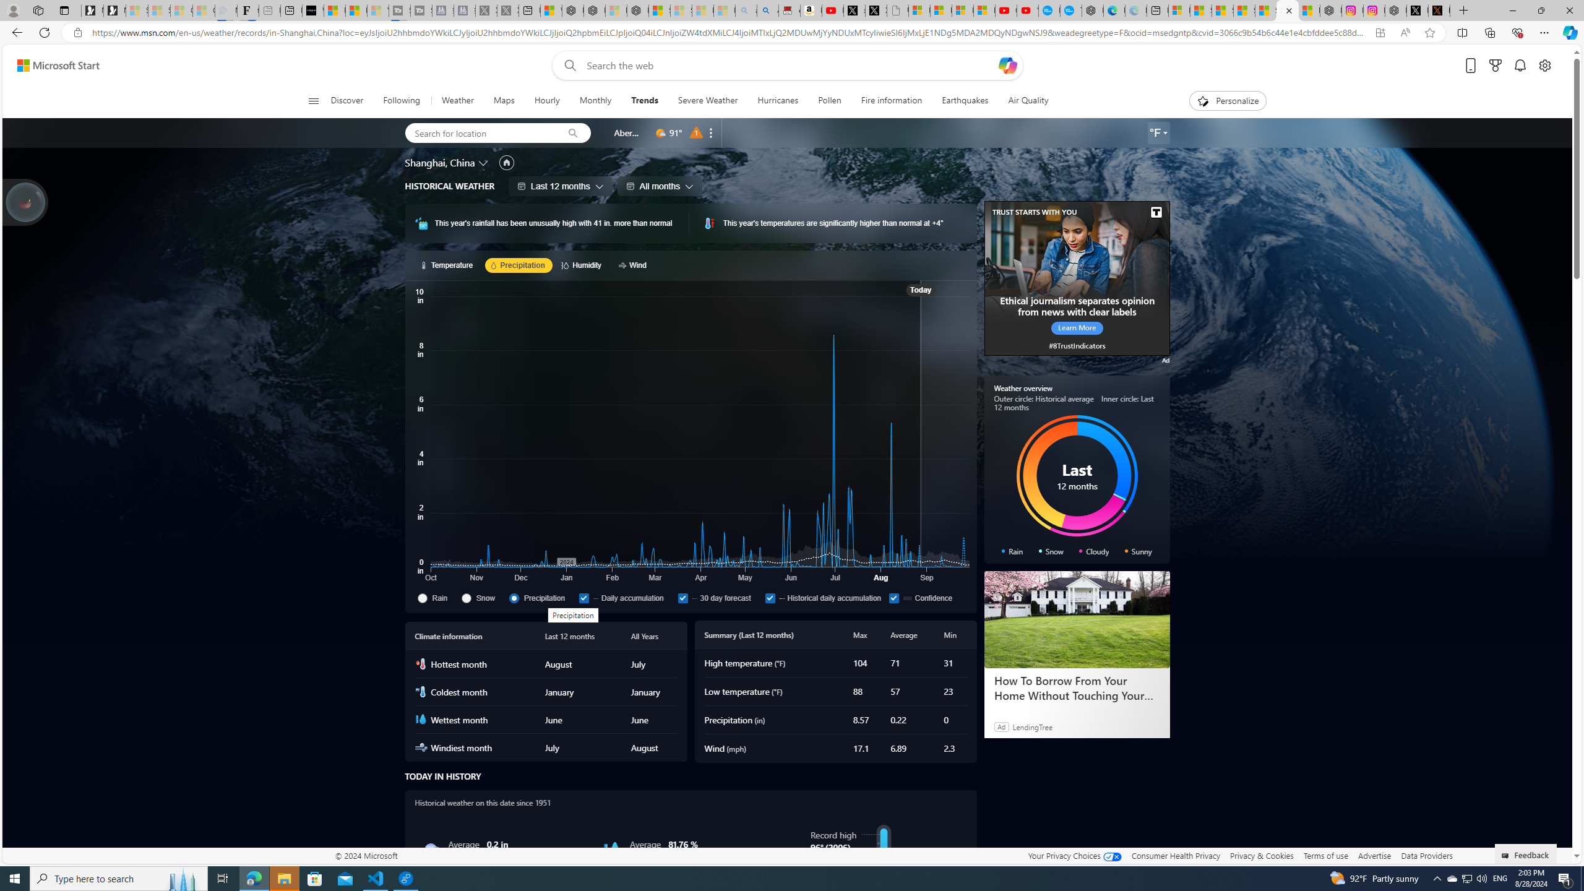 Image resolution: width=1584 pixels, height=891 pixels. I want to click on 'Severe Weather', so click(707, 100).